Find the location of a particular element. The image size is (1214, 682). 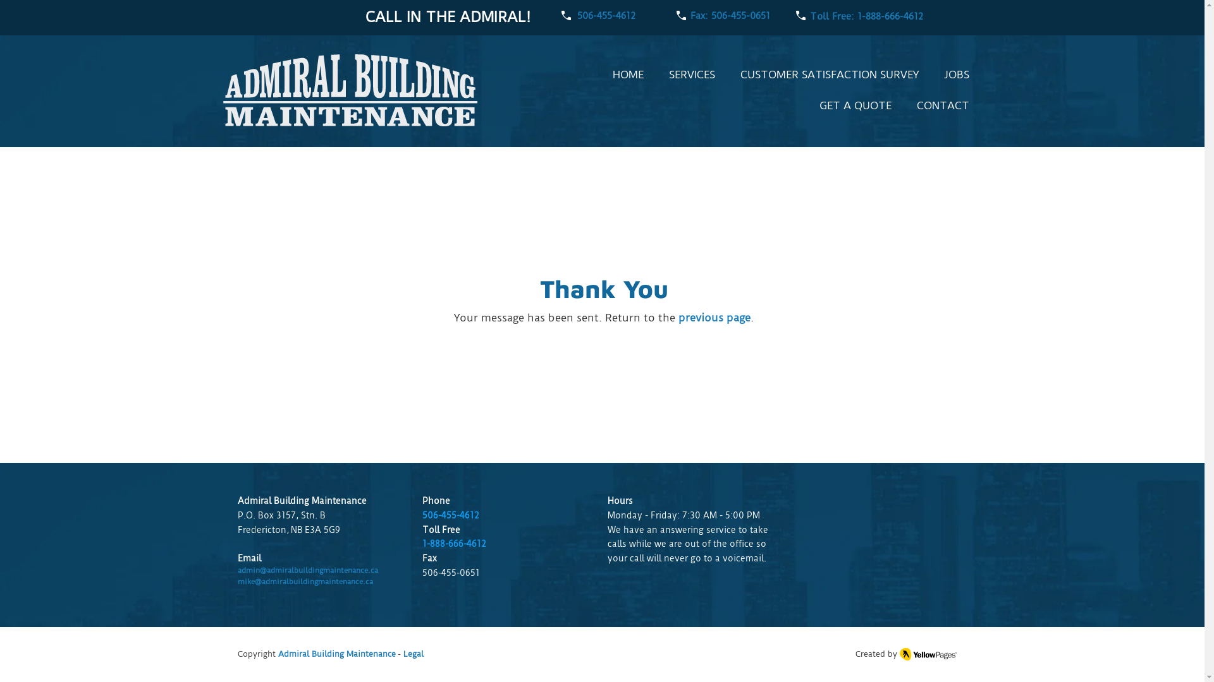

'admin@admiralbuildingmaintenance.ca' is located at coordinates (237, 570).